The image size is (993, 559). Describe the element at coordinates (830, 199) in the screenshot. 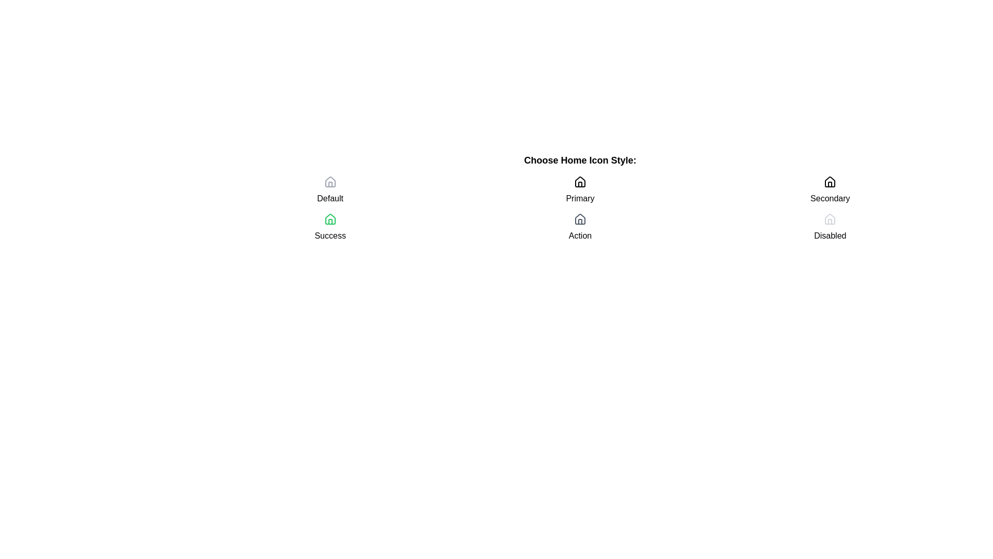

I see `the text element labeled 'Secondary', which is located below the home icon and has a dark color on a plain white background` at that location.